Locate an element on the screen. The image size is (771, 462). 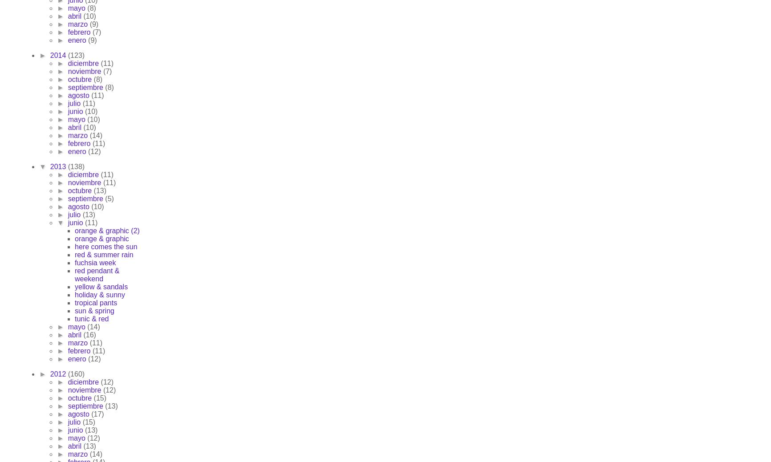
'fuchsia week' is located at coordinates (75, 262).